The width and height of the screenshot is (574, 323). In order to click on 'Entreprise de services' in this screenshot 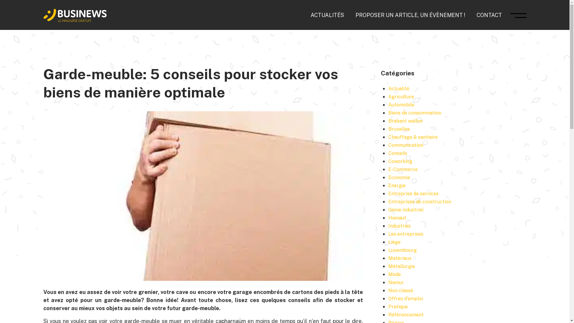, I will do `click(413, 194)`.